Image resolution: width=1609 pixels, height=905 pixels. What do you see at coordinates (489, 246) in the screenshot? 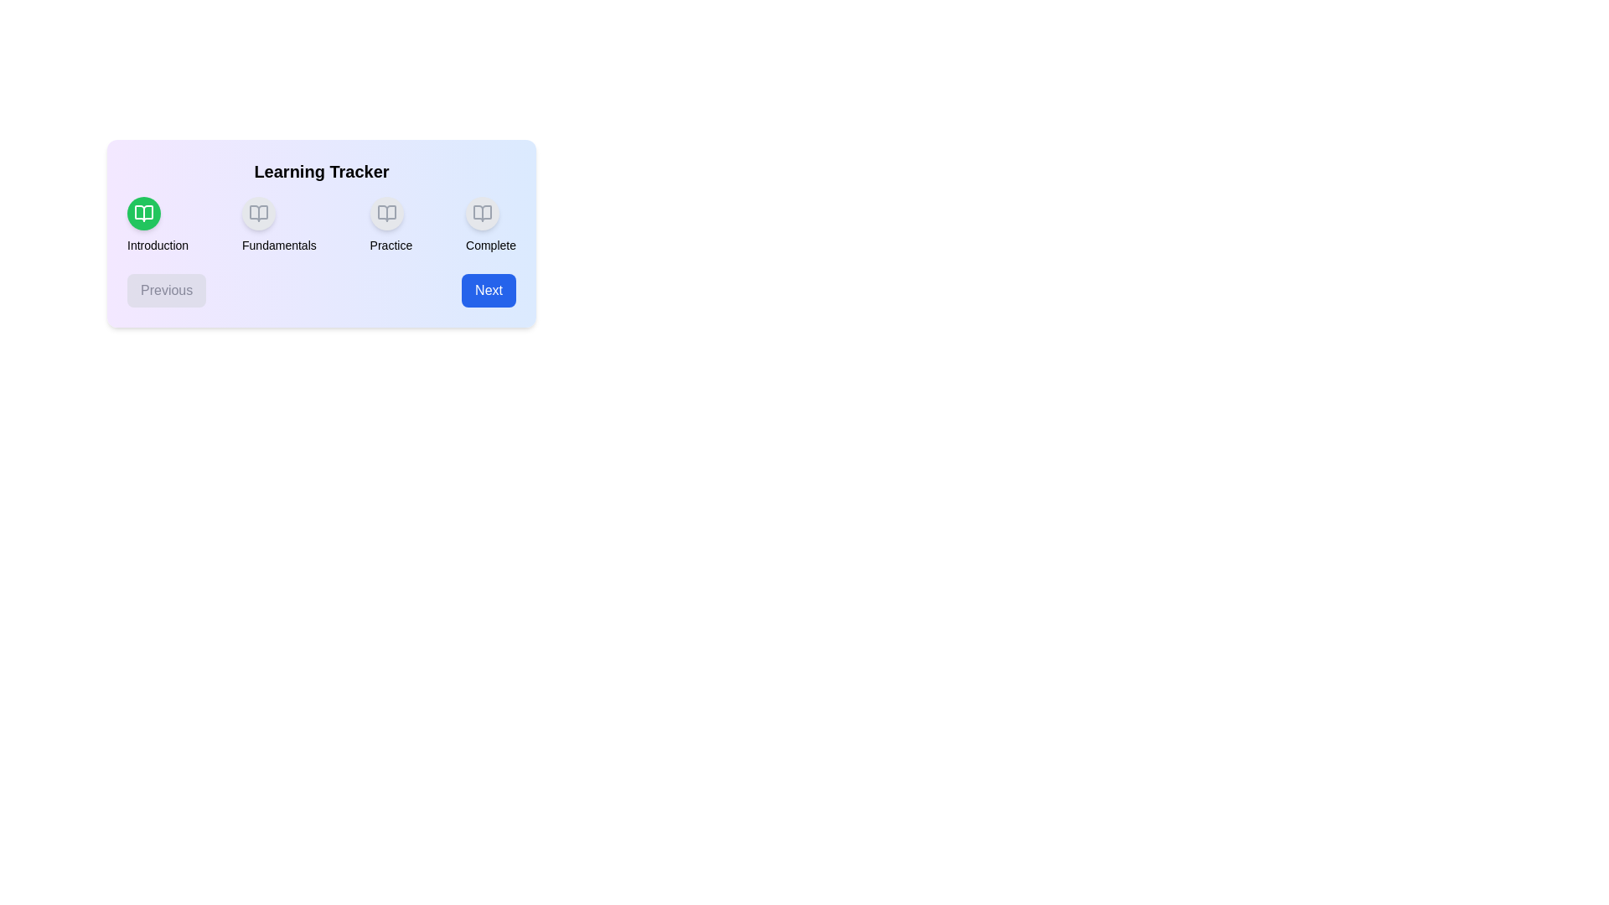
I see `the 'Complete' stage label in the 'Learning Tracker' header section, which is the fourth and final stage label aligned centrally below its corresponding icon` at bounding box center [489, 246].